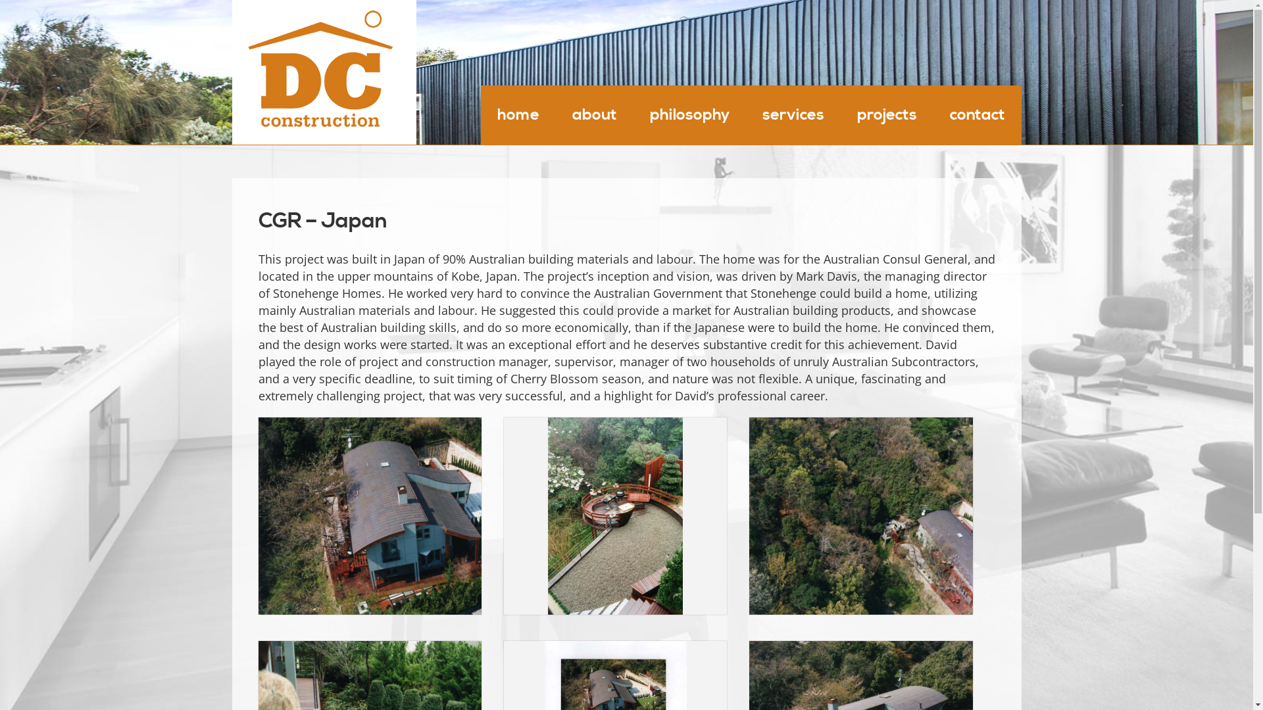 The width and height of the screenshot is (1263, 710). Describe the element at coordinates (517, 114) in the screenshot. I see `'home'` at that location.